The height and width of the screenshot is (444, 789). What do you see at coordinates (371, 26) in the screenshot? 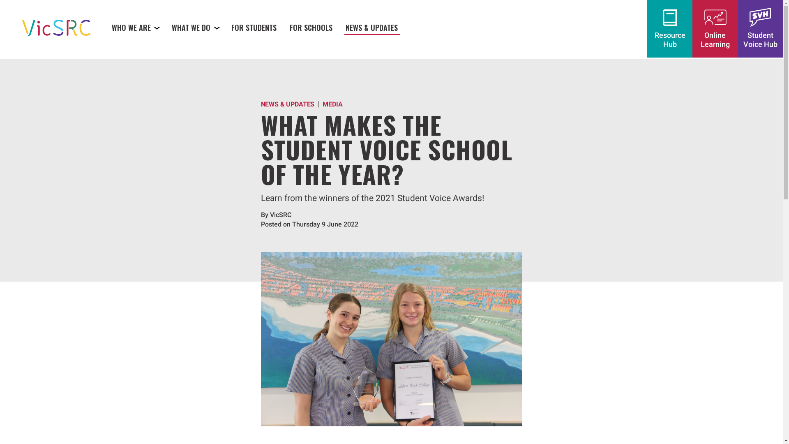
I see `'NEWS & UPDATES'` at bounding box center [371, 26].